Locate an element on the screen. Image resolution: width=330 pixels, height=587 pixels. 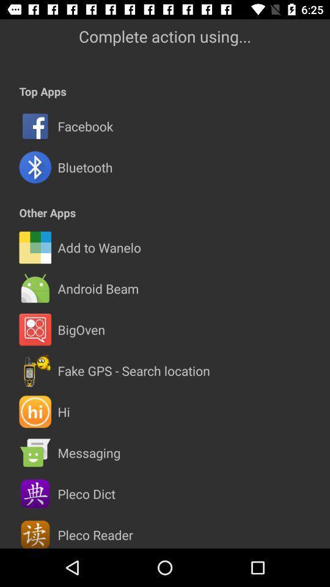
the message icon is located at coordinates (35, 452).